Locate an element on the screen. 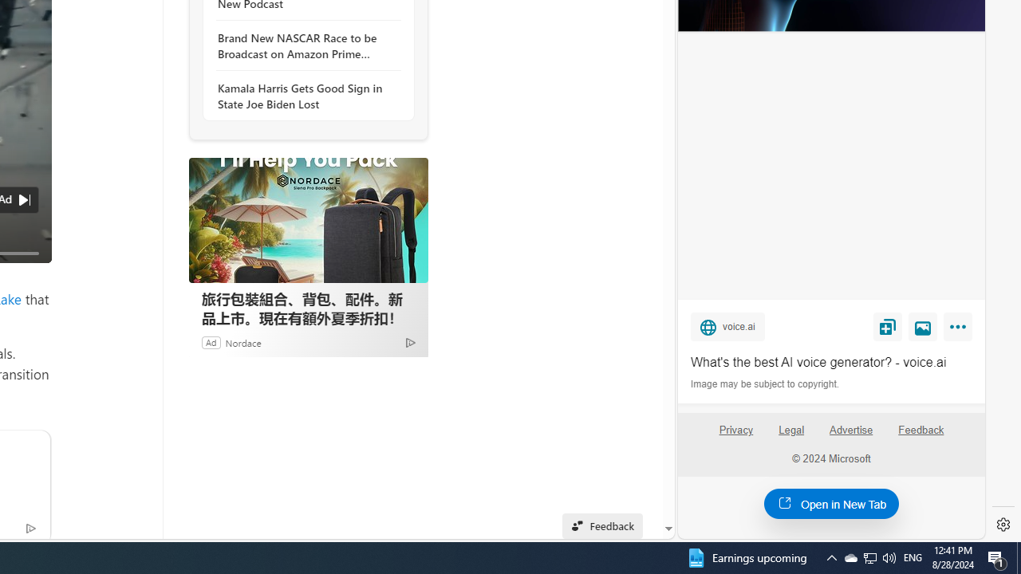  'More' is located at coordinates (960, 328).